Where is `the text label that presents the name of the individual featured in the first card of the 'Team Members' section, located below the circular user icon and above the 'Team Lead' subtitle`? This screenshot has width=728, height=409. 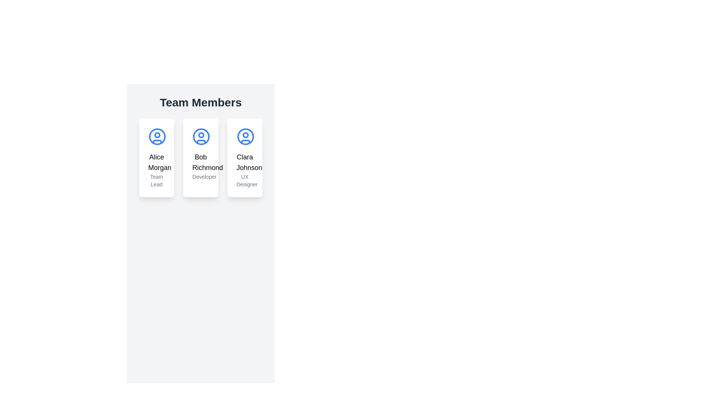
the text label that presents the name of the individual featured in the first card of the 'Team Members' section, located below the circular user icon and above the 'Team Lead' subtitle is located at coordinates (156, 162).